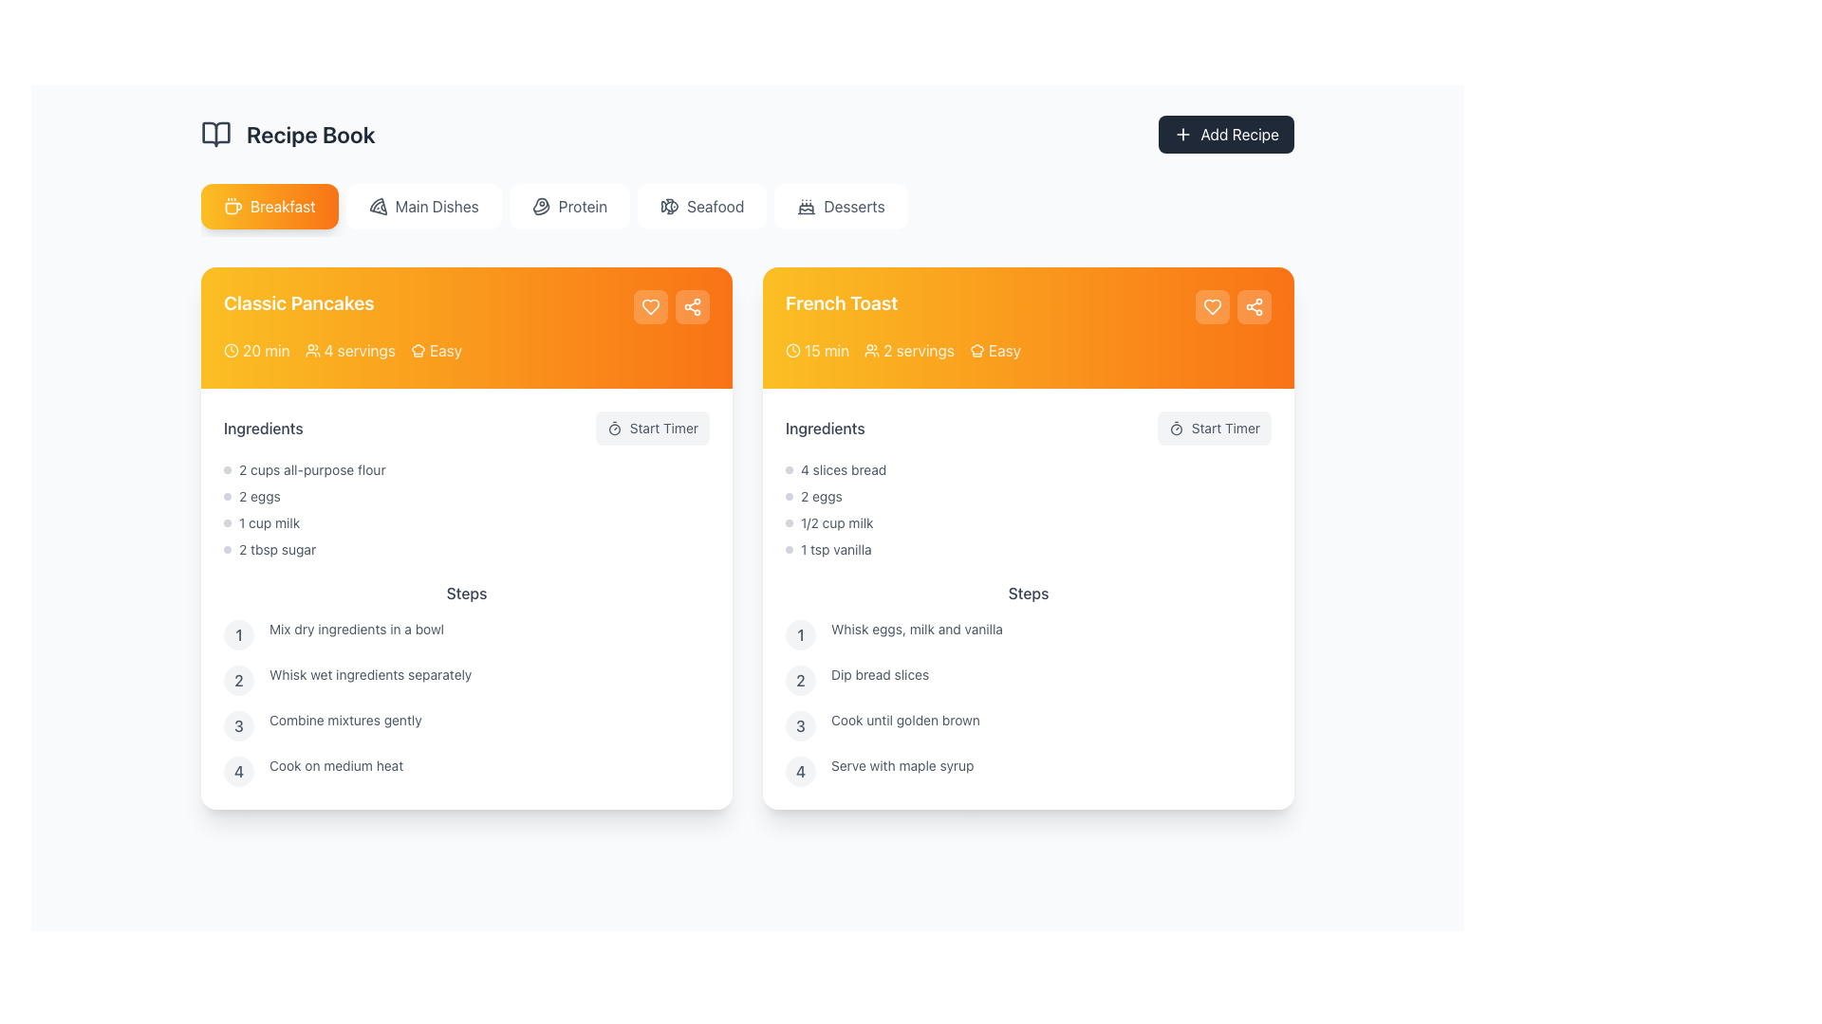  What do you see at coordinates (238, 679) in the screenshot?
I see `the step indicator element displaying the text '2' in the 'Classic Pancakes' card` at bounding box center [238, 679].